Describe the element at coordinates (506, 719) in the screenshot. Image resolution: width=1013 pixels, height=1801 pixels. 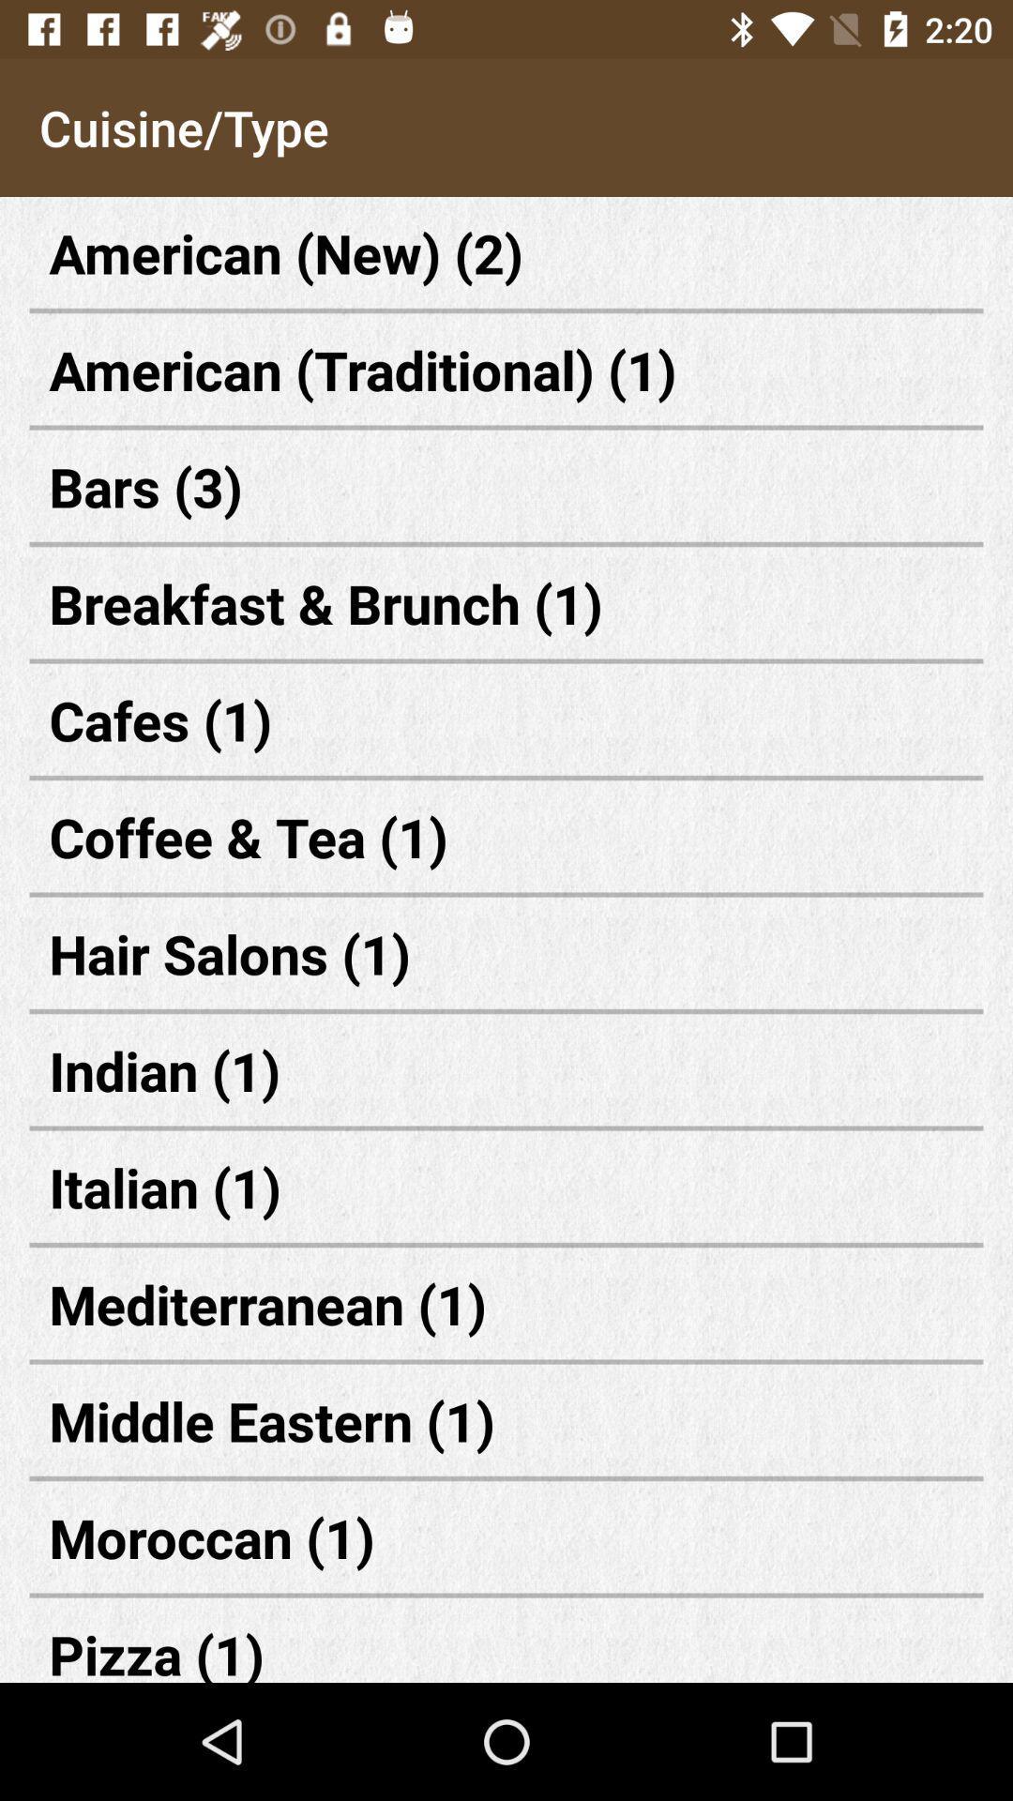
I see `cafes 1` at that location.